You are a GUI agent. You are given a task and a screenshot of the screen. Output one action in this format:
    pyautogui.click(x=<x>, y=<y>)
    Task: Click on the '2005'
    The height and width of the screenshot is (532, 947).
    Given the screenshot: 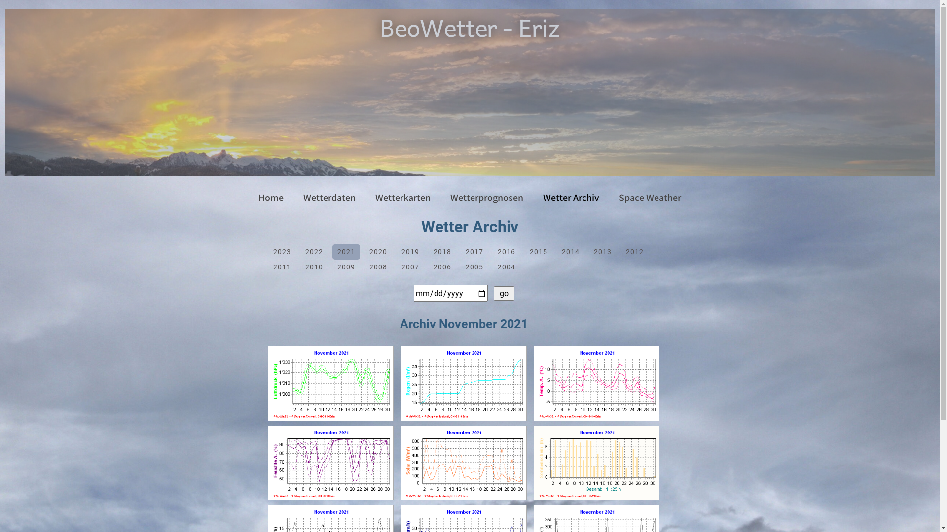 What is the action you would take?
    pyautogui.click(x=474, y=267)
    